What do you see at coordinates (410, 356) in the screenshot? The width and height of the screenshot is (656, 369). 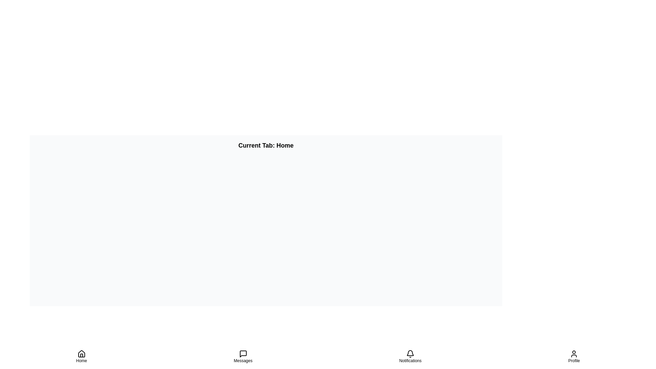 I see `the 'Notifications' button located in the bottom navigation bar` at bounding box center [410, 356].